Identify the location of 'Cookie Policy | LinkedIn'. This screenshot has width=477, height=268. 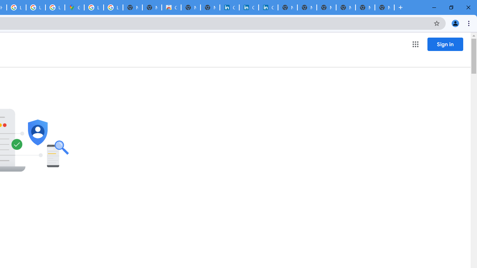
(229, 7).